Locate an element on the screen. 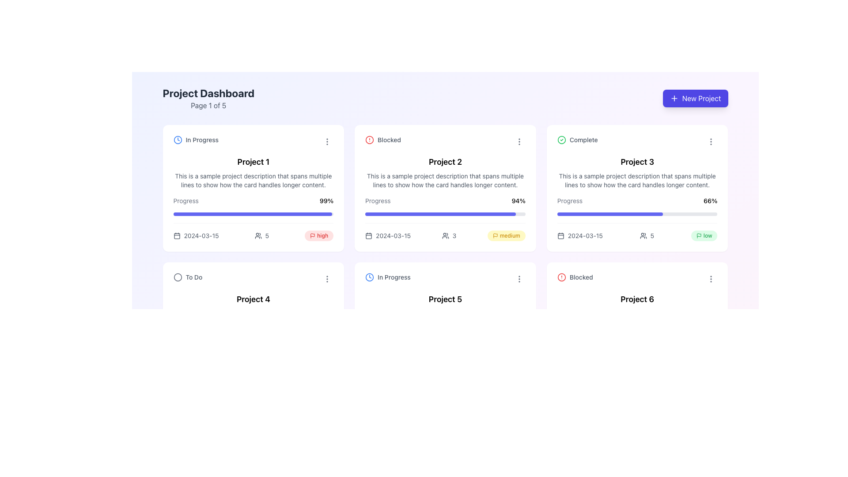 This screenshot has width=848, height=477. the SVG circle that represents progress within the clock icon in the 'In Progress' project card for 'Project 1' is located at coordinates (370, 277).